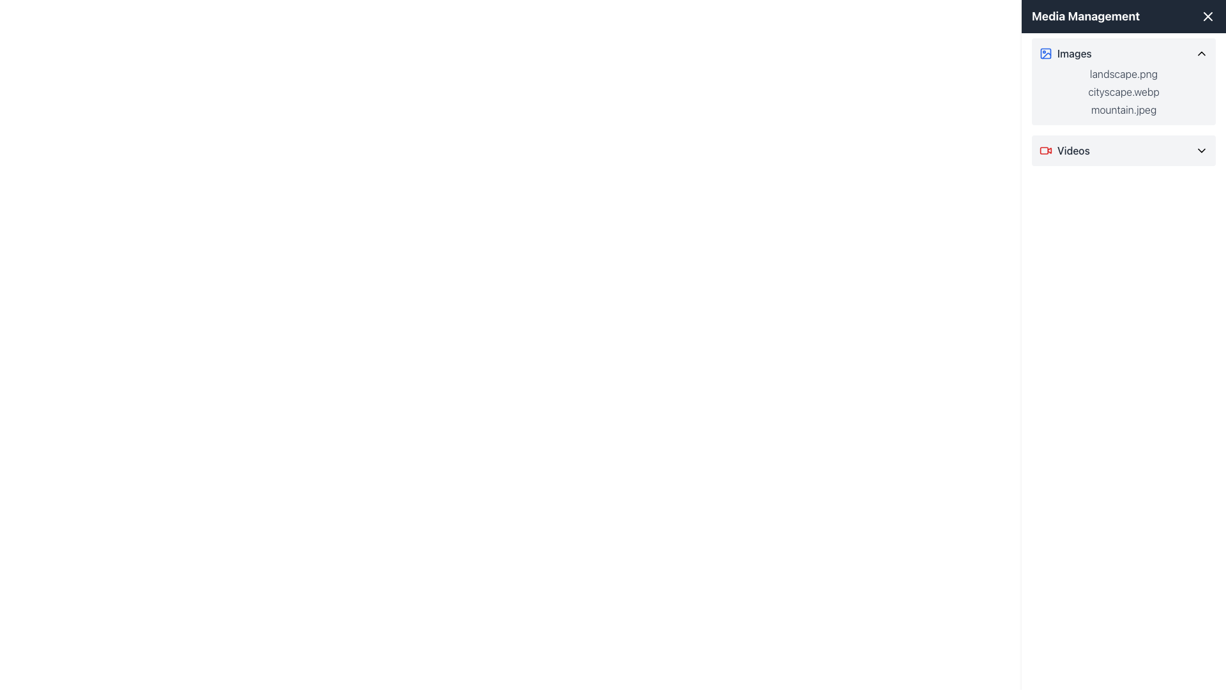  Describe the element at coordinates (1073, 53) in the screenshot. I see `the 'Images' text label in the Media Management sidebar` at that location.